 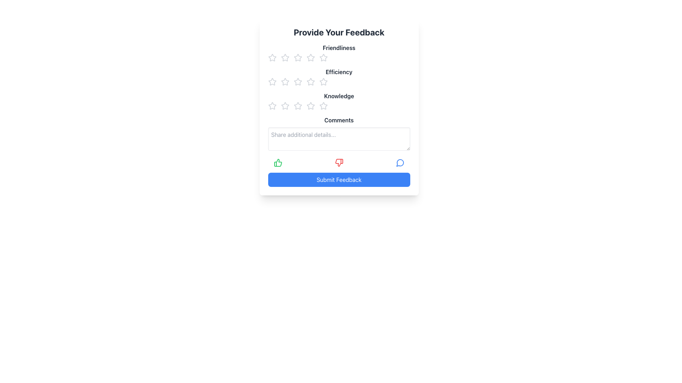 I want to click on the second star icon in the 'Knowledge' category of the feedback form, so click(x=285, y=106).